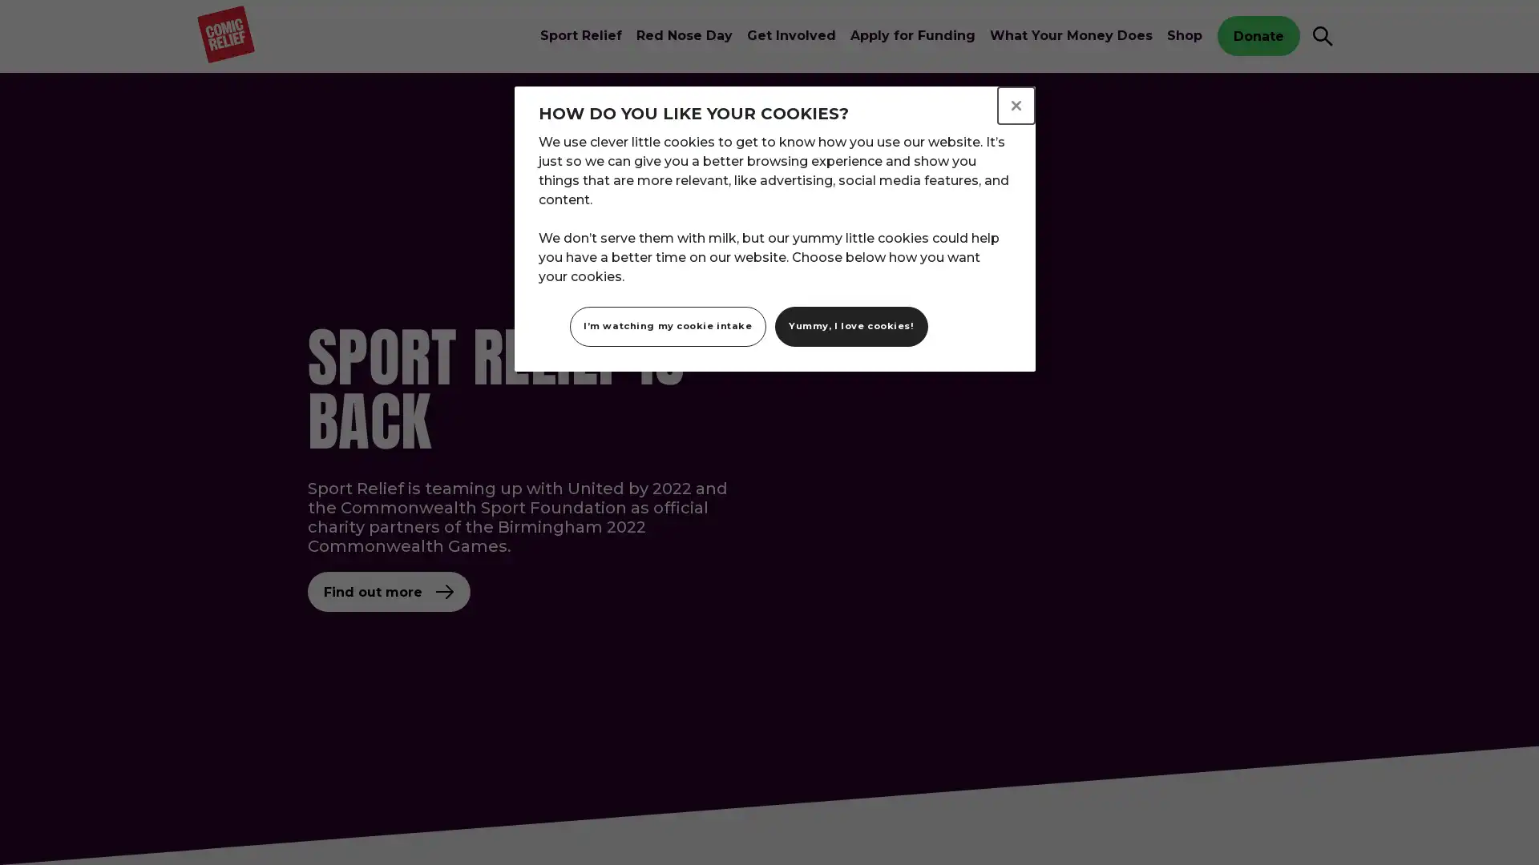 The width and height of the screenshot is (1539, 865). What do you see at coordinates (850, 325) in the screenshot?
I see `Yummy, I love cookies!` at bounding box center [850, 325].